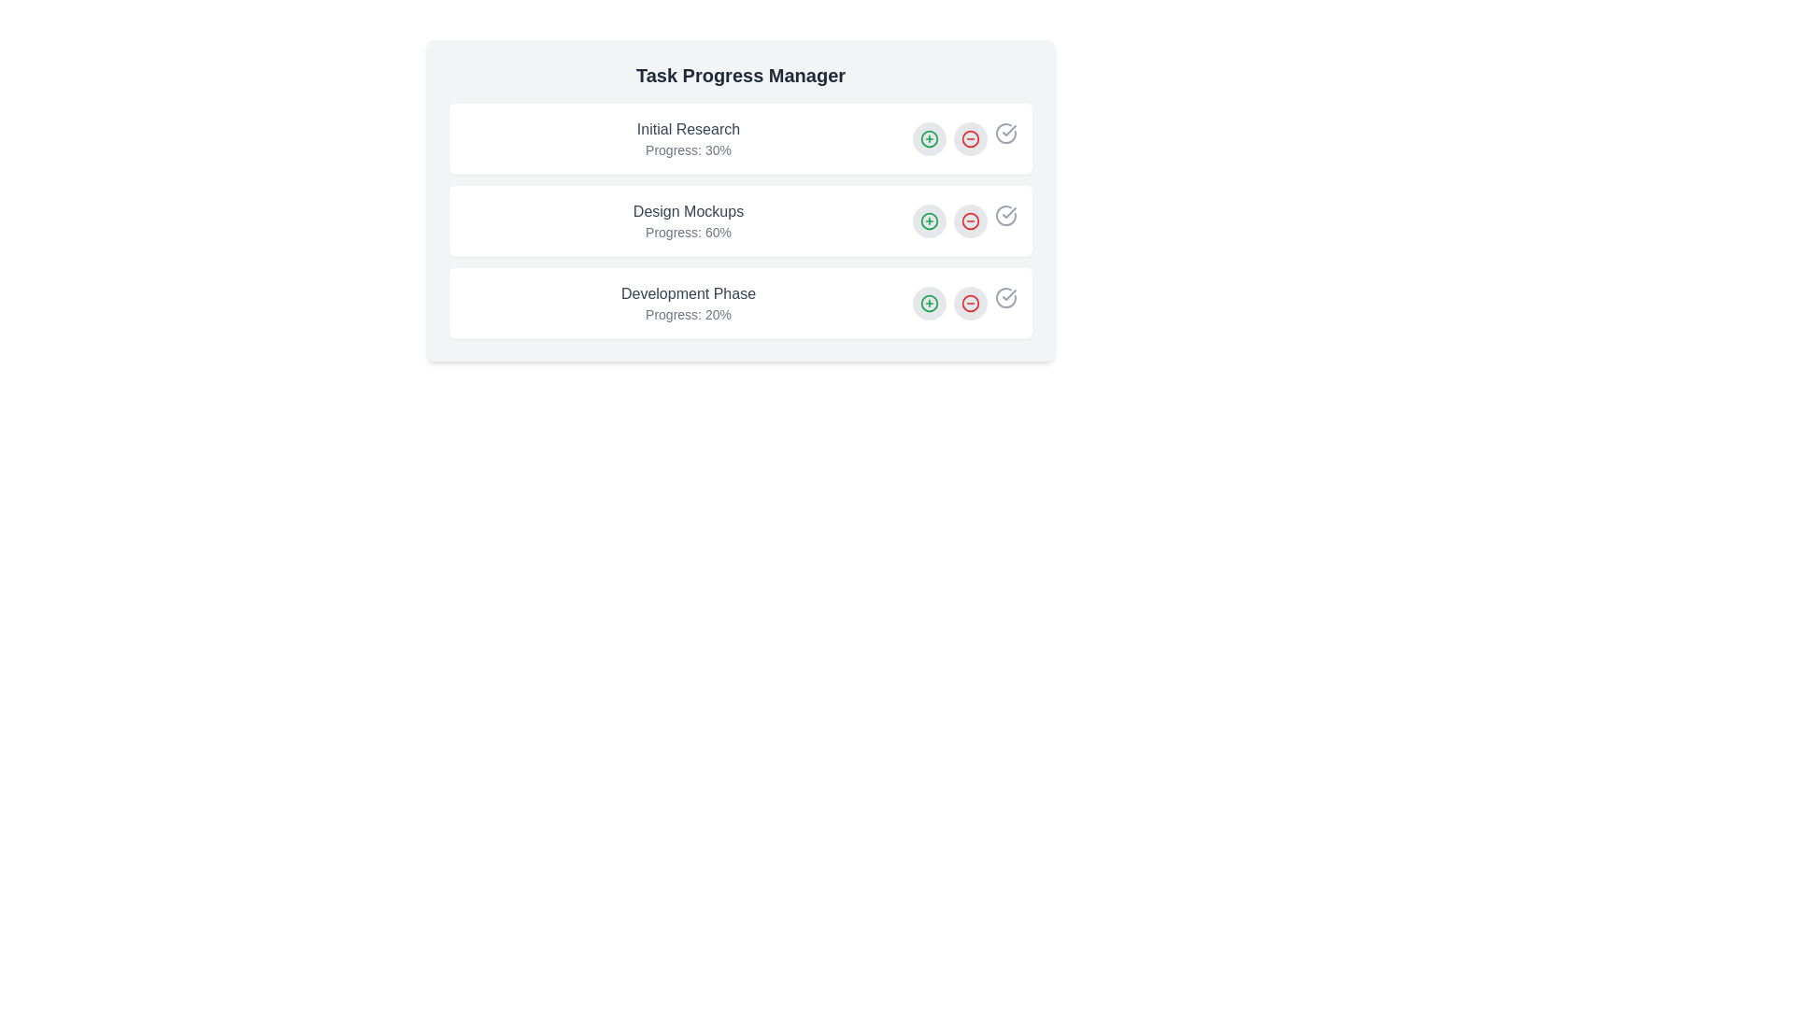 Image resolution: width=1794 pixels, height=1009 pixels. What do you see at coordinates (964, 138) in the screenshot?
I see `the circular red button with a white minus sign, which is the second button in a horizontal group next to 'Initial Research' and 'Progress: 30%', located within the 'Task Progress Manager' card` at bounding box center [964, 138].